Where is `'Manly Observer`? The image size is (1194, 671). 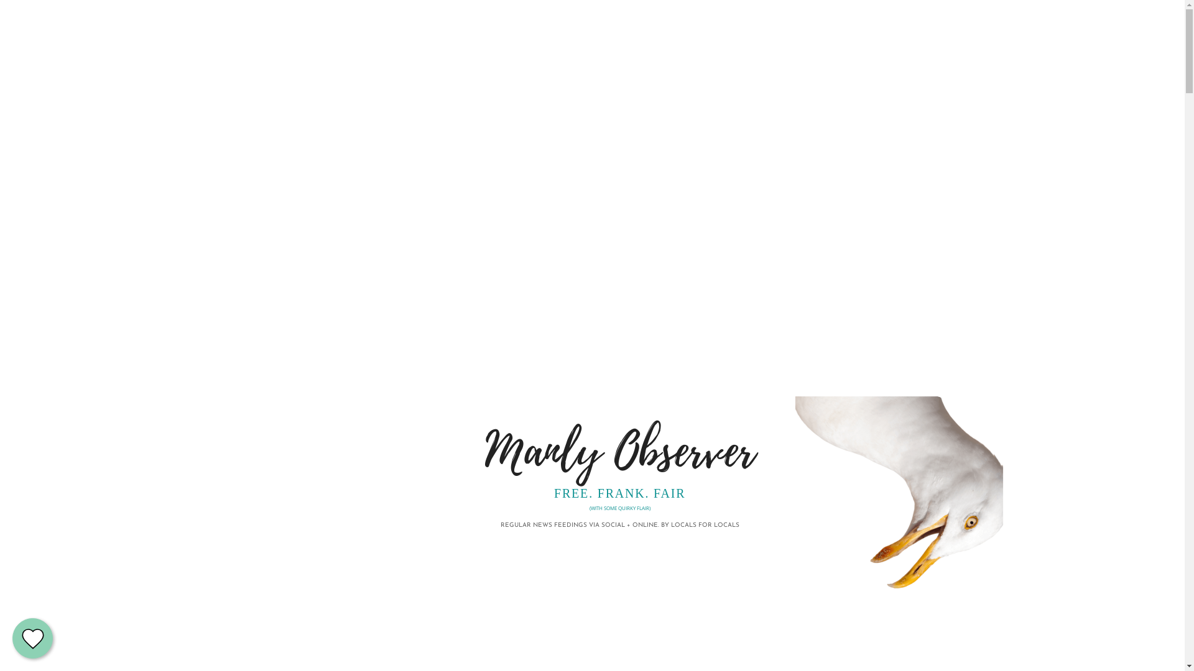
'Manly Observer is located at coordinates (619, 462).